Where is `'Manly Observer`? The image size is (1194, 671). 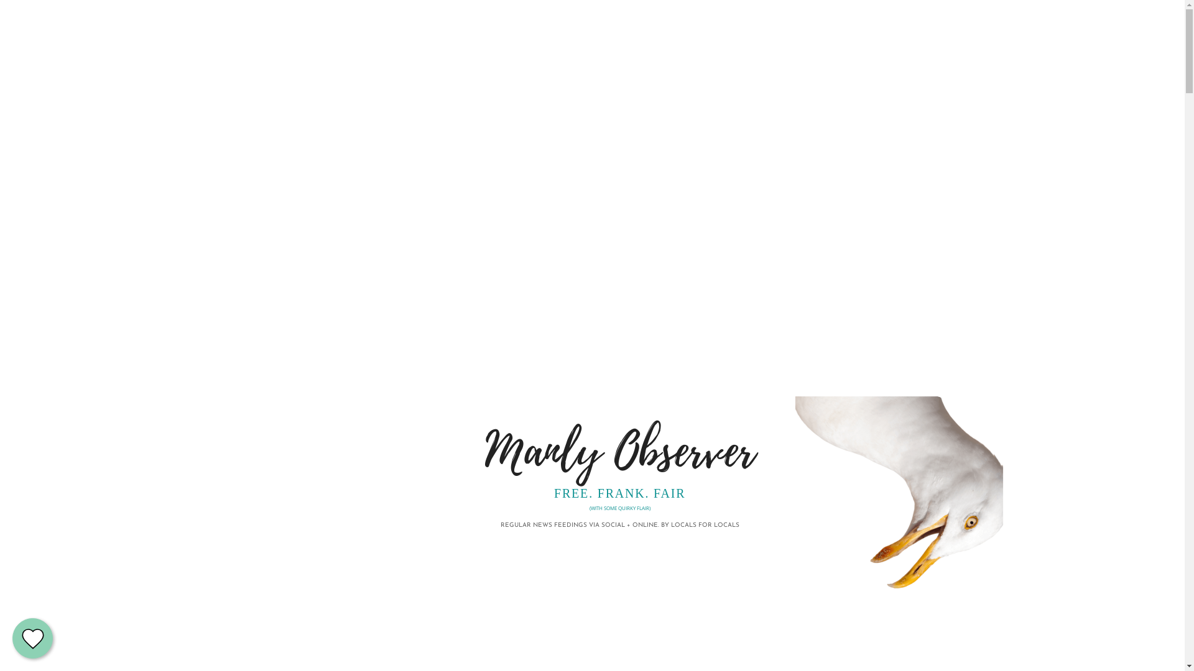
'Manly Observer is located at coordinates (619, 462).